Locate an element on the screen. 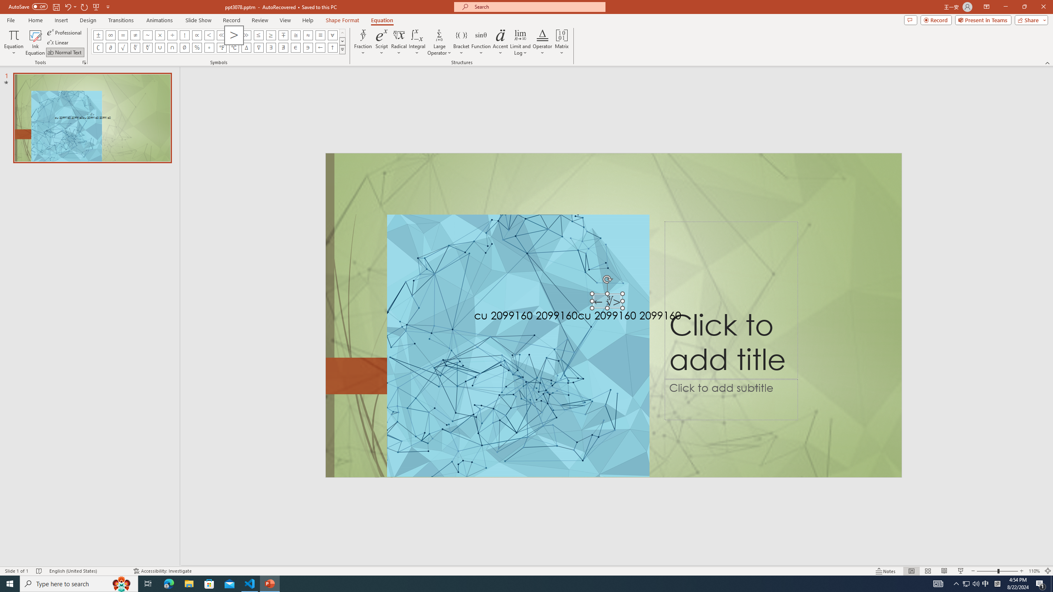  'Equation Symbol Much Less Than' is located at coordinates (221, 35).